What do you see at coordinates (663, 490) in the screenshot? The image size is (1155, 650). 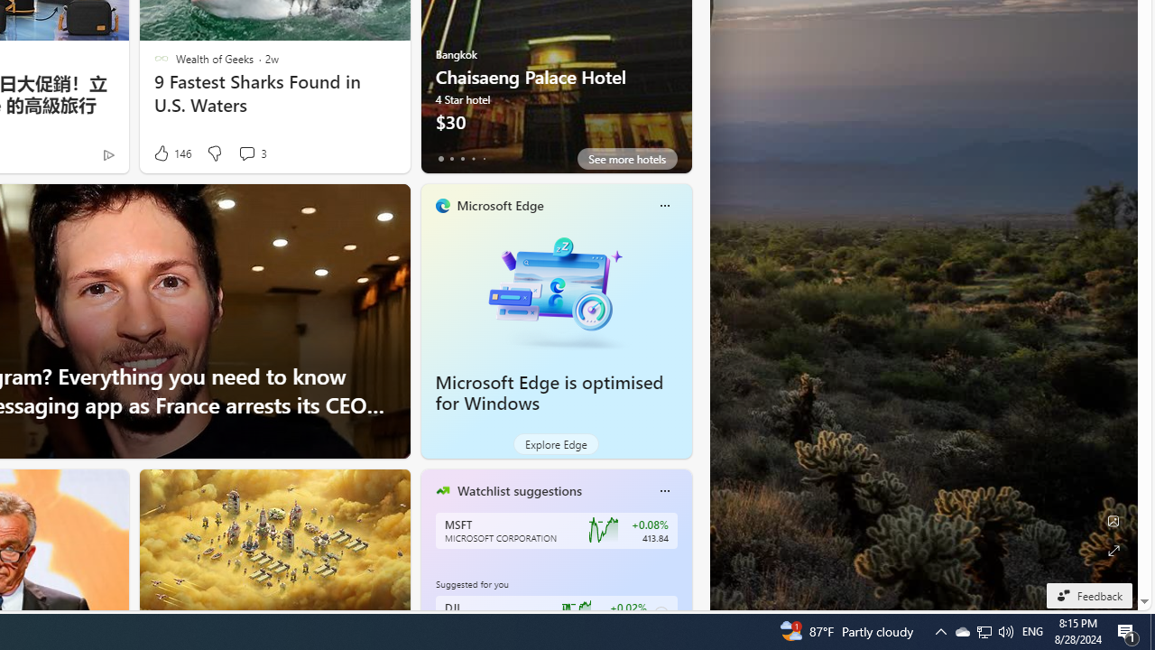 I see `'Class: icon-img'` at bounding box center [663, 490].